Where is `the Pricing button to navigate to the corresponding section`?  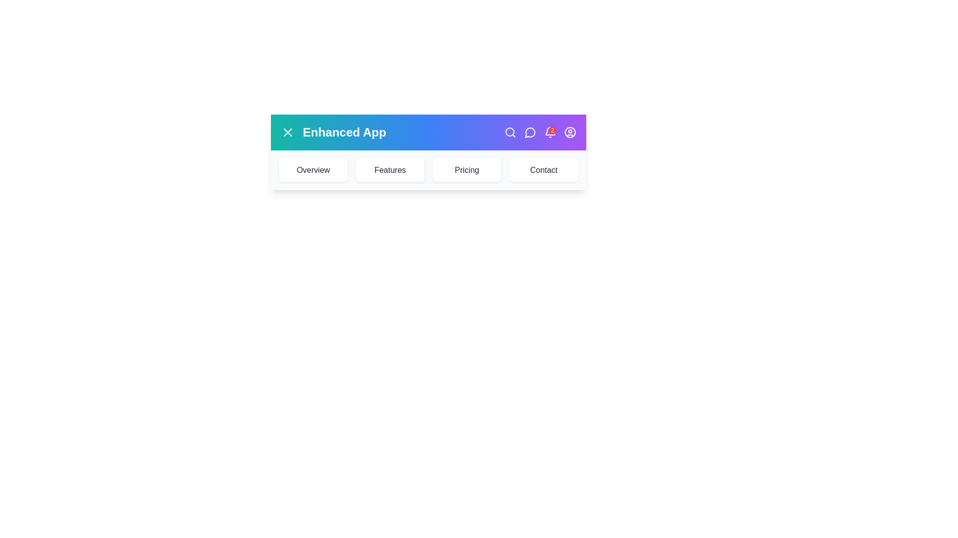
the Pricing button to navigate to the corresponding section is located at coordinates (467, 170).